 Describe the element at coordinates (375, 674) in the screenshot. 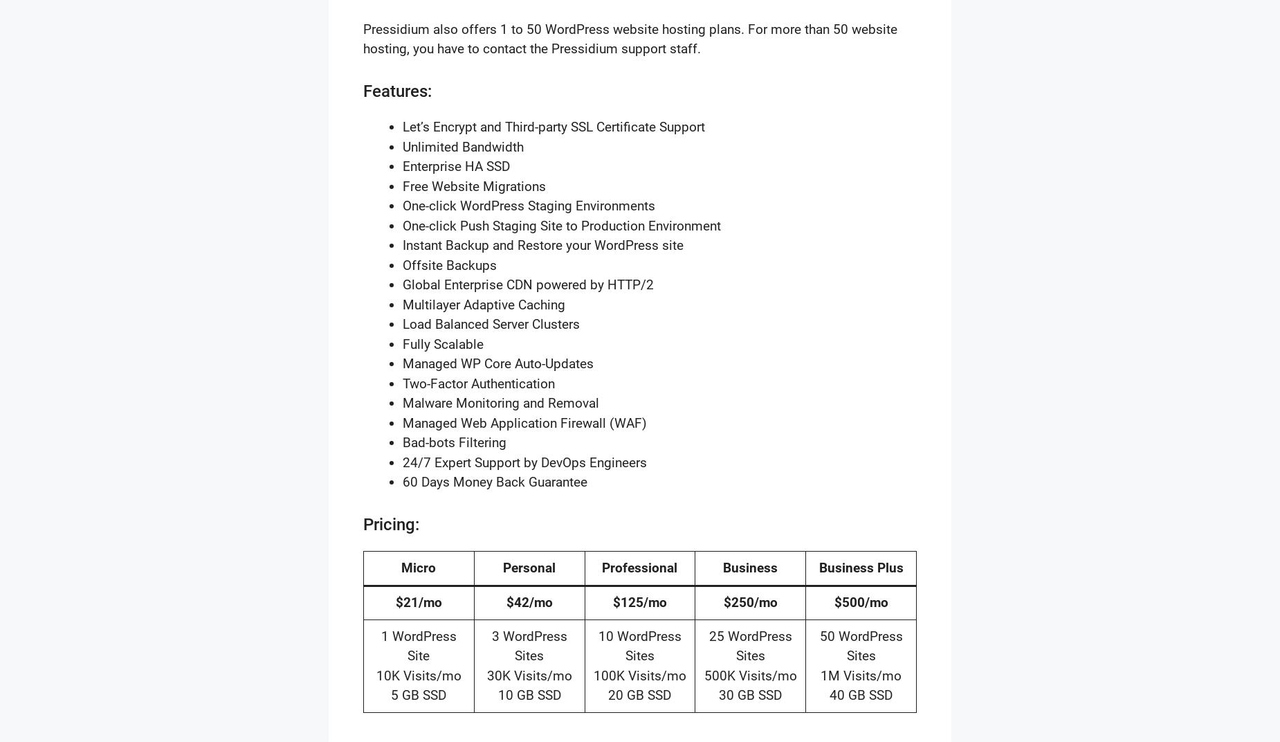

I see `'10K Visits/mo'` at that location.